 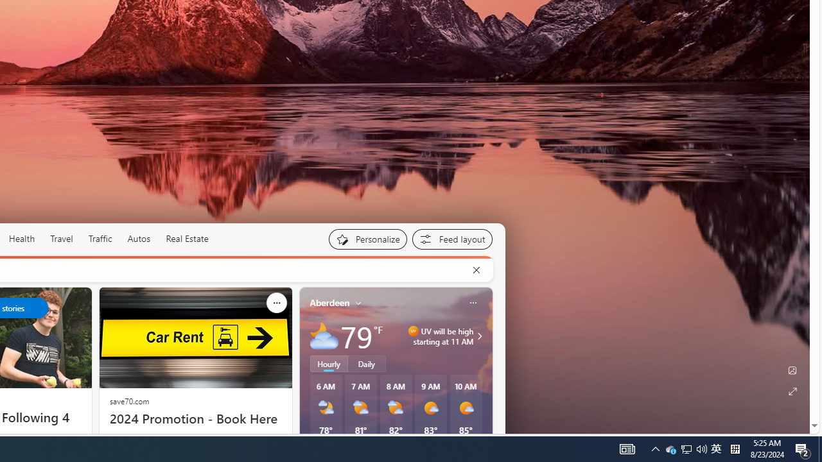 I want to click on 'Traffic', so click(x=99, y=238).